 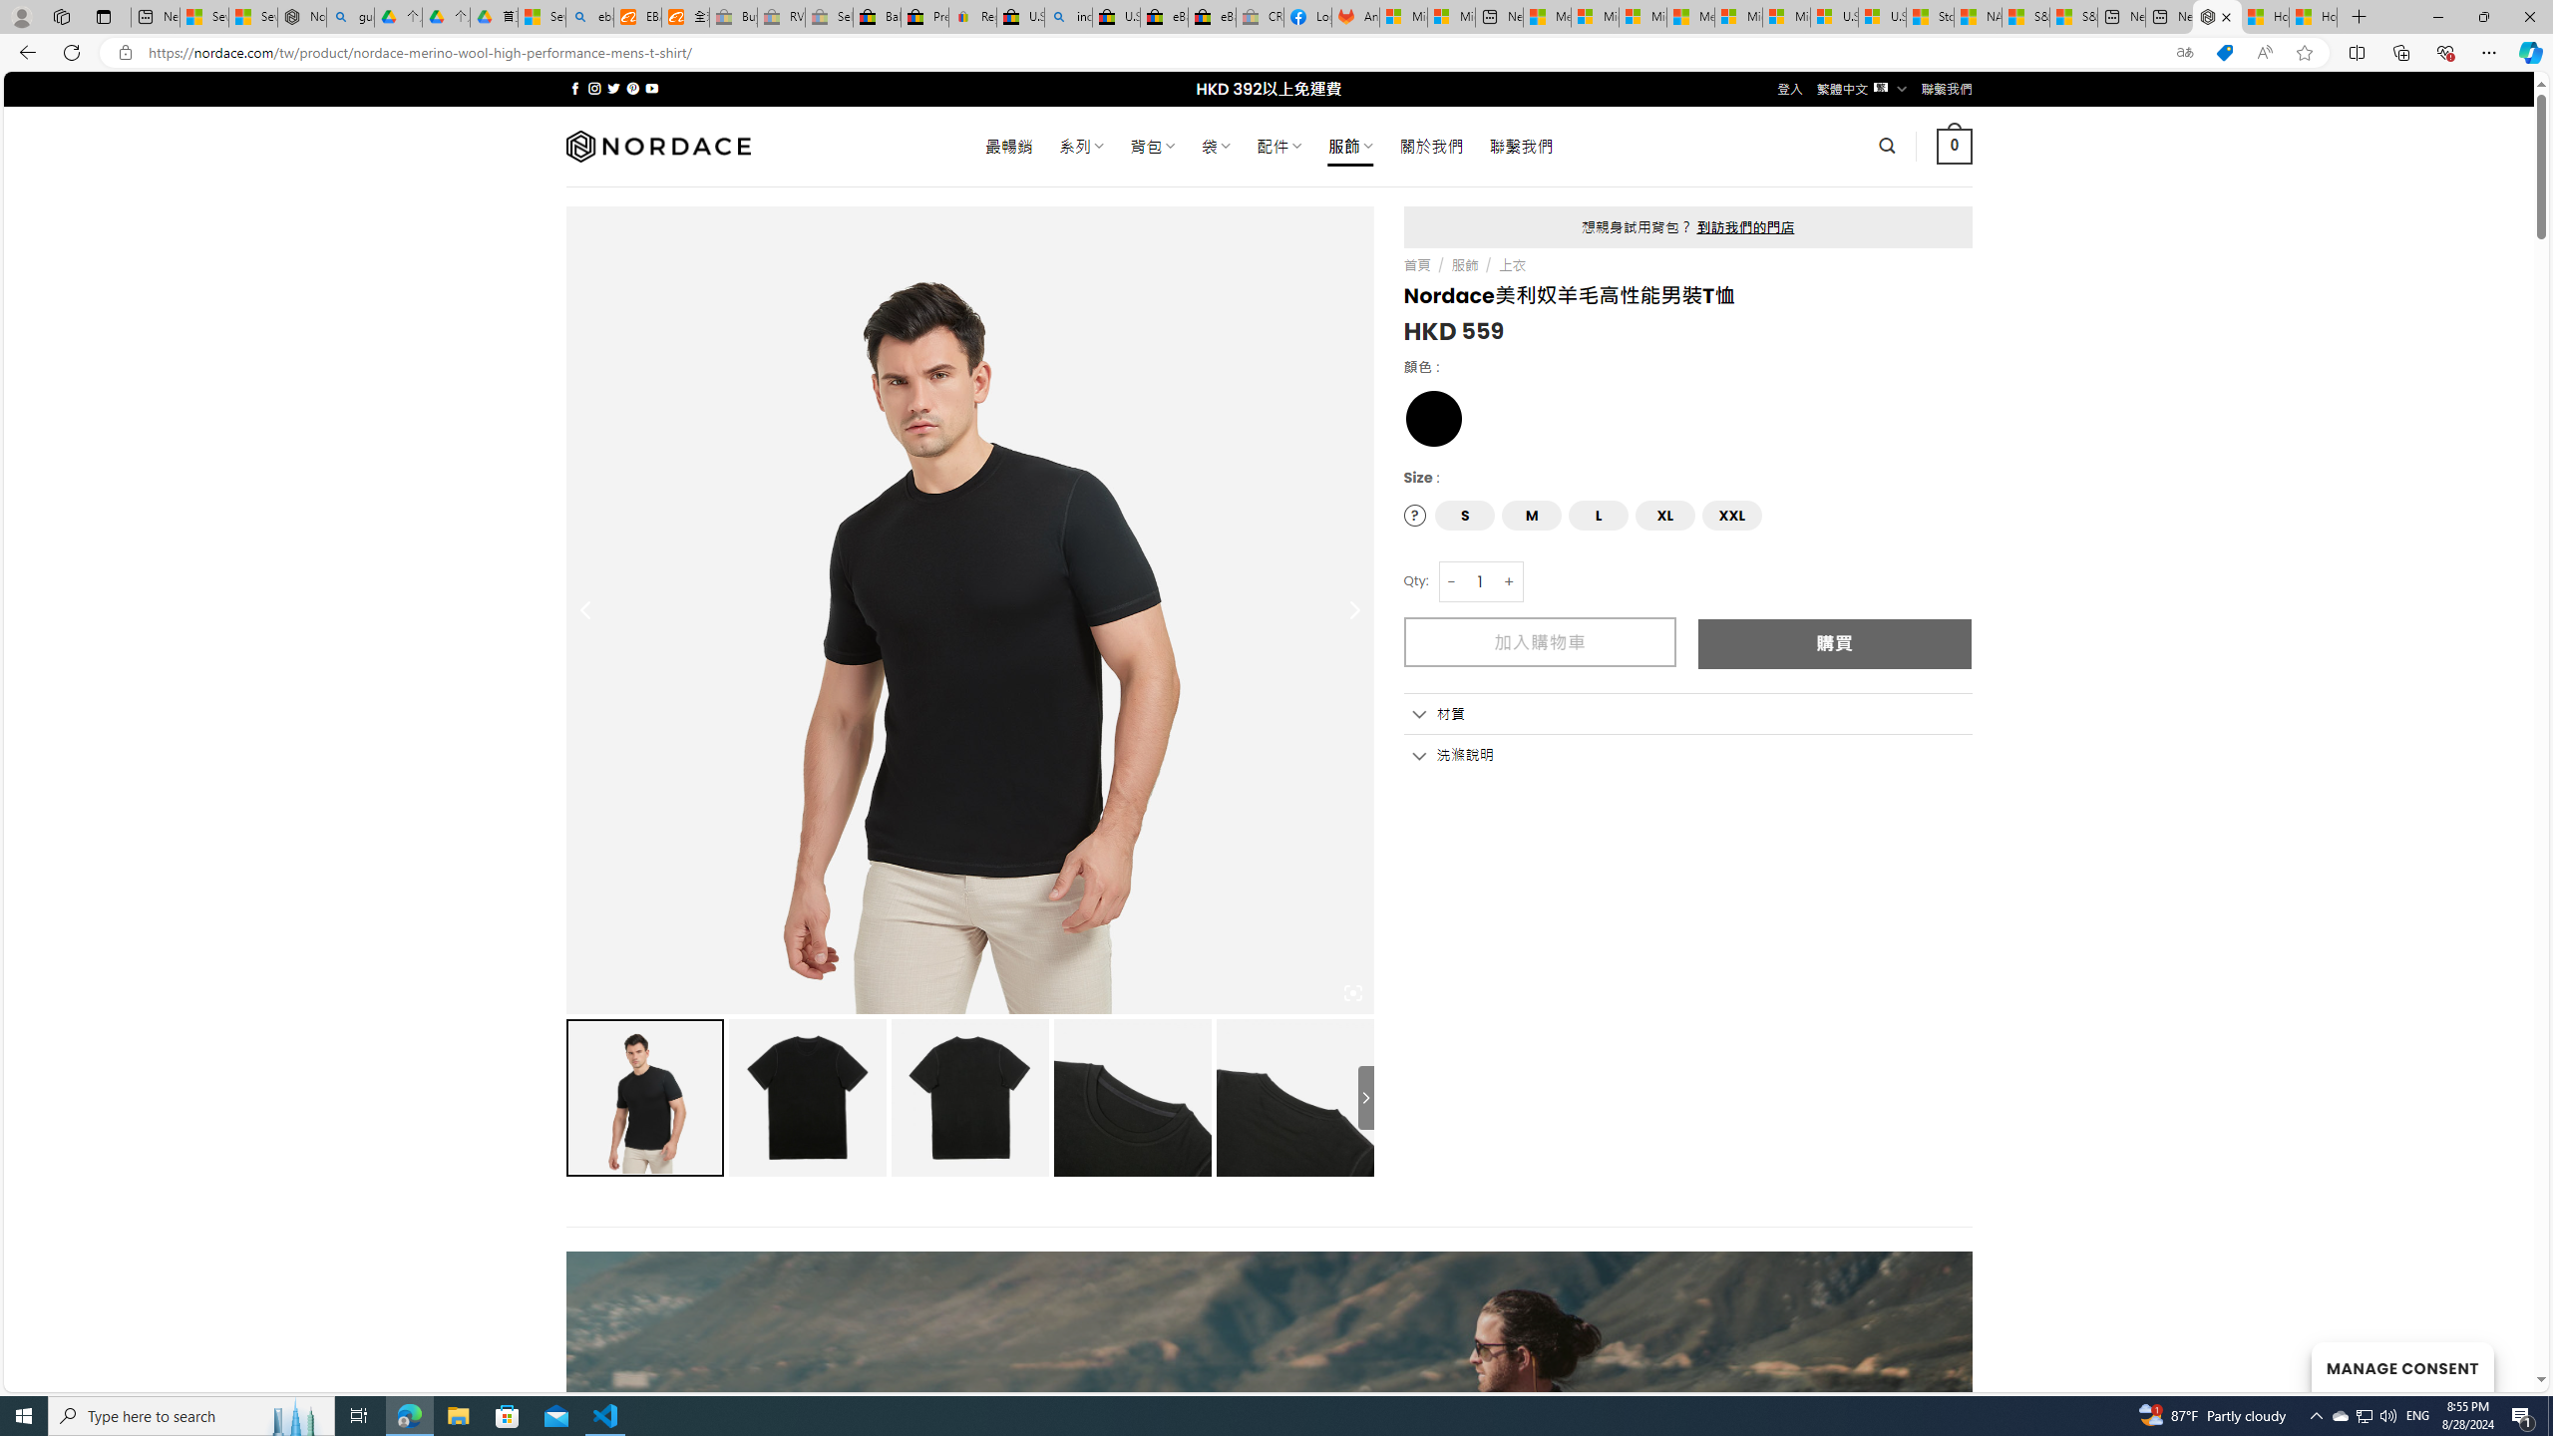 I want to click on 'Register: Create a personal eBay account', so click(x=971, y=16).